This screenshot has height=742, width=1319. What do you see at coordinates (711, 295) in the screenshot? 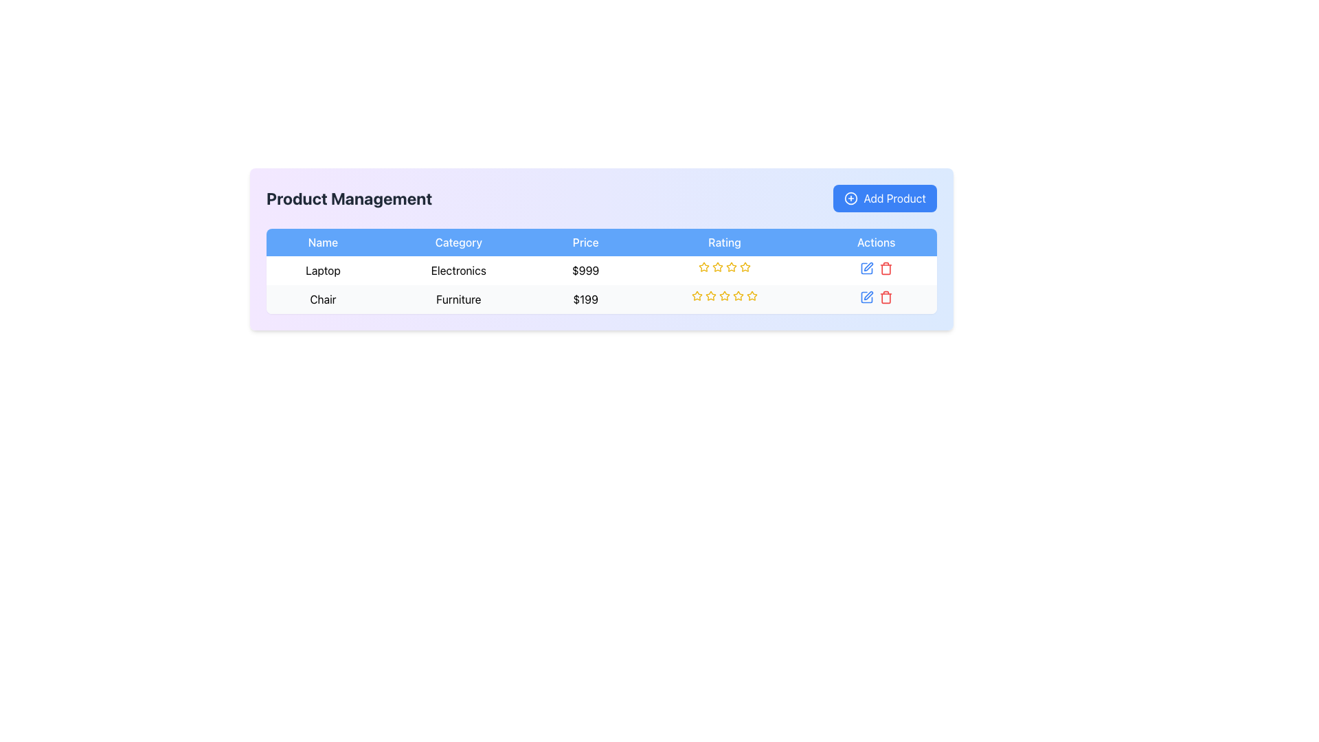
I see `the yellow outlined star icon representing the rating for the 'Chair' product in the second row of the table` at bounding box center [711, 295].